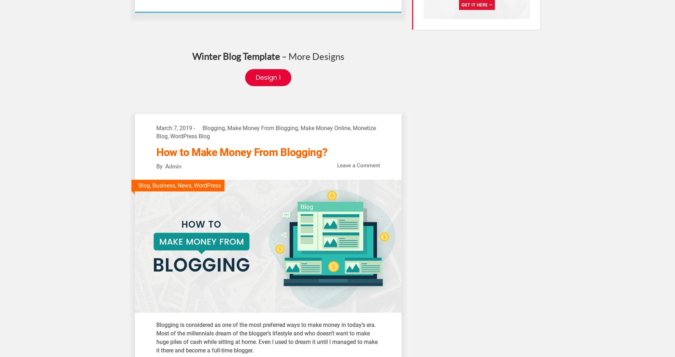 Image resolution: width=675 pixels, height=357 pixels. Describe the element at coordinates (236, 56) in the screenshot. I see `'Winter Blog Template'` at that location.